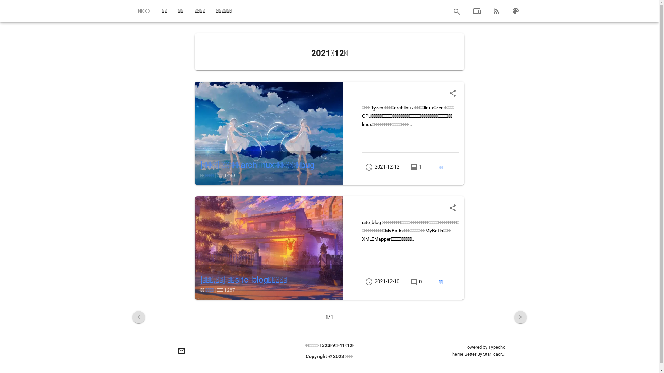  Describe the element at coordinates (138, 317) in the screenshot. I see `'navigate_before'` at that location.